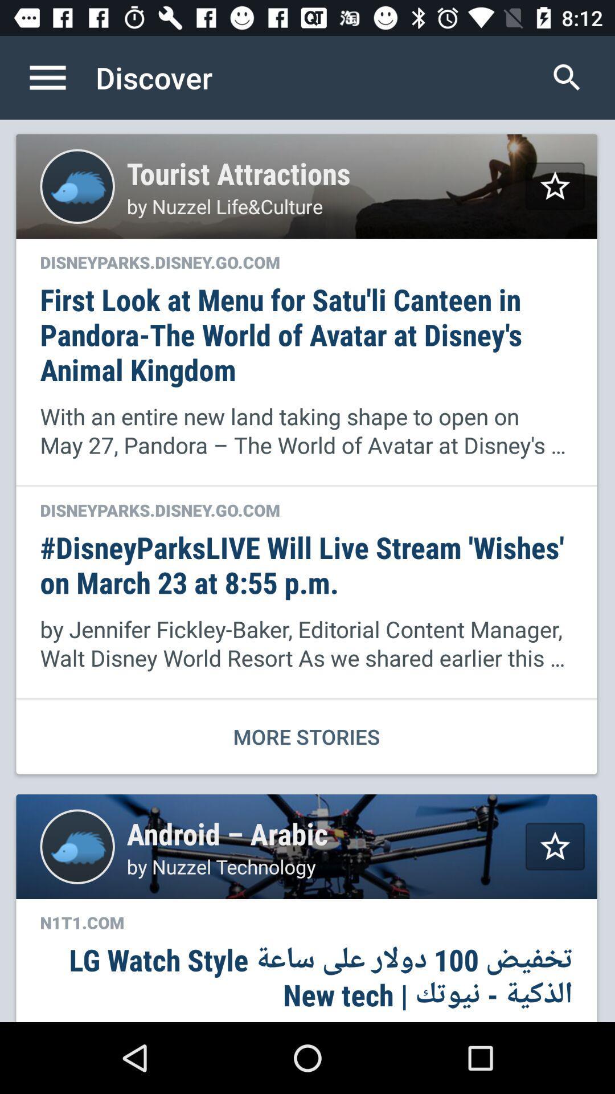  Describe the element at coordinates (555, 846) in the screenshot. I see `page` at that location.